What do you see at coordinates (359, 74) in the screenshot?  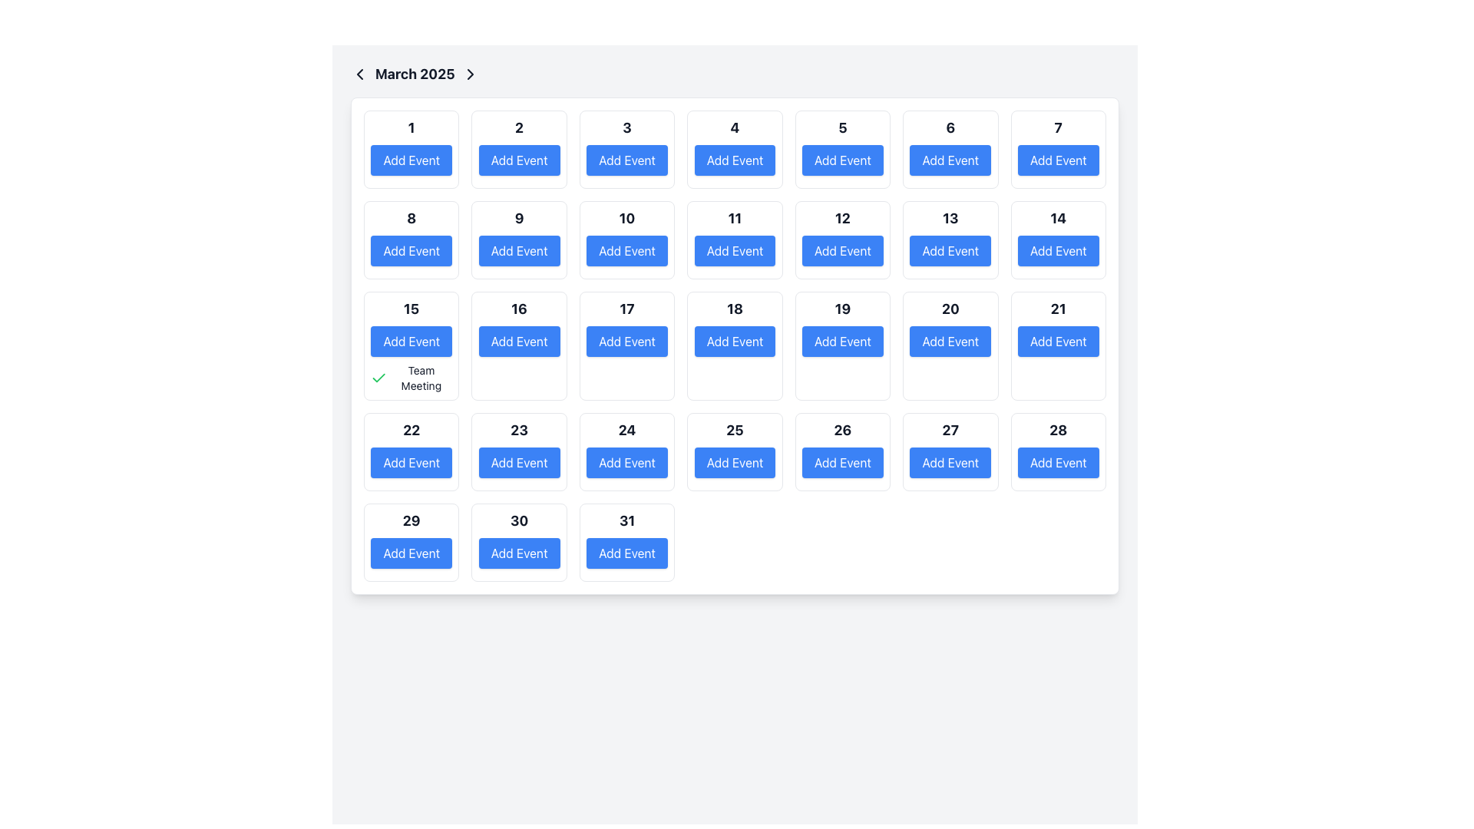 I see `the left-pointing chevron icon button located at the top-left corner of the interface, which is styled with a thin black stroke and is part of a navigation group next to the text 'March 2025'` at bounding box center [359, 74].